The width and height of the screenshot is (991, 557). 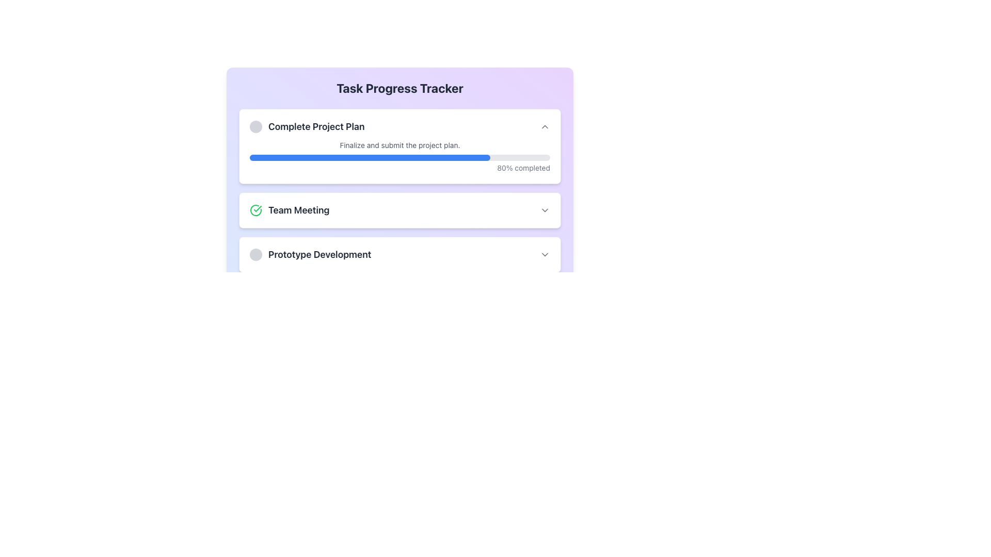 I want to click on the 'Team Meeting' text label element, which displays the text in a bold, large gray font, located in the second row of the task progress tracker, following a green checkmark icon, so click(x=298, y=210).